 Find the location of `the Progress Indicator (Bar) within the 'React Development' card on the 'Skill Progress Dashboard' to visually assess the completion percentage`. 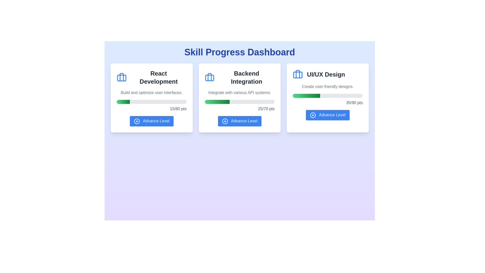

the Progress Indicator (Bar) within the 'React Development' card on the 'Skill Progress Dashboard' to visually assess the completion percentage is located at coordinates (123, 102).